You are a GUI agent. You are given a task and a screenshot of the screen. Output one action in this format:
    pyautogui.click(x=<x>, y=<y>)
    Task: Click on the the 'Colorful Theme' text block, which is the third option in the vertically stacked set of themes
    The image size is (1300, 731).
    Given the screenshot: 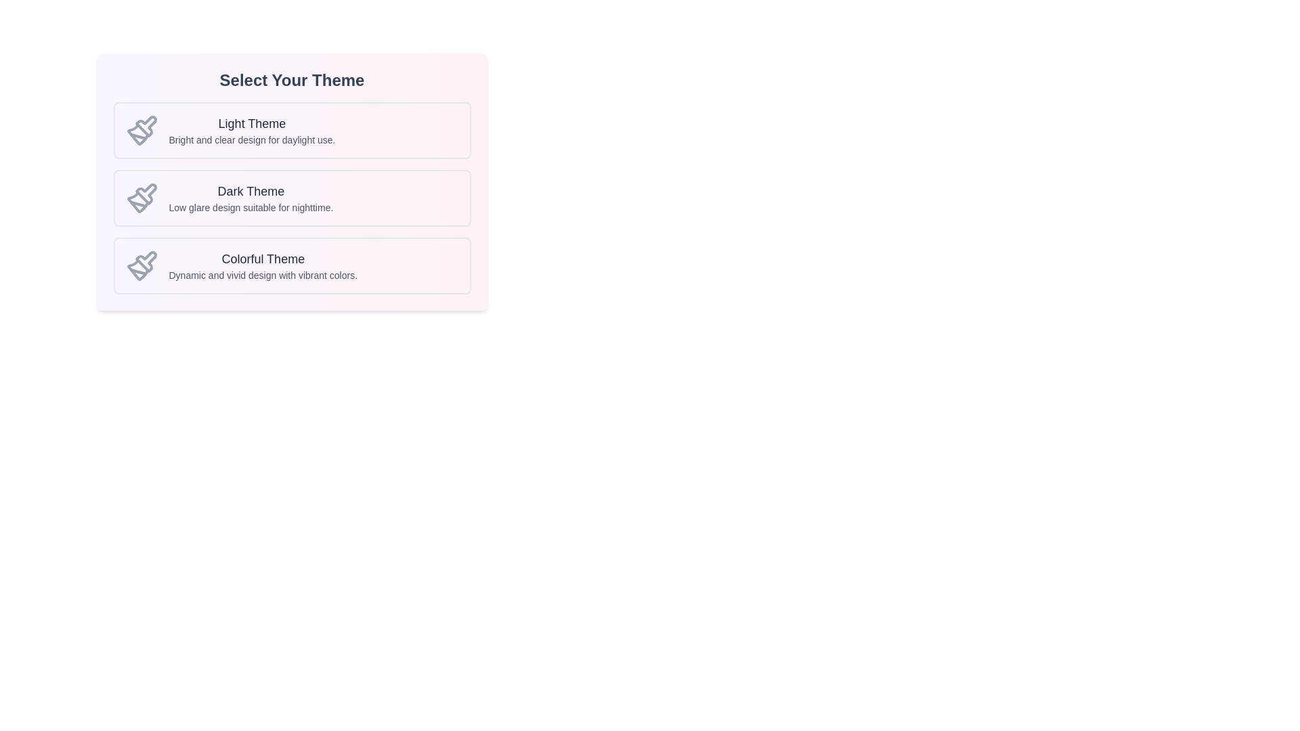 What is the action you would take?
    pyautogui.click(x=263, y=266)
    